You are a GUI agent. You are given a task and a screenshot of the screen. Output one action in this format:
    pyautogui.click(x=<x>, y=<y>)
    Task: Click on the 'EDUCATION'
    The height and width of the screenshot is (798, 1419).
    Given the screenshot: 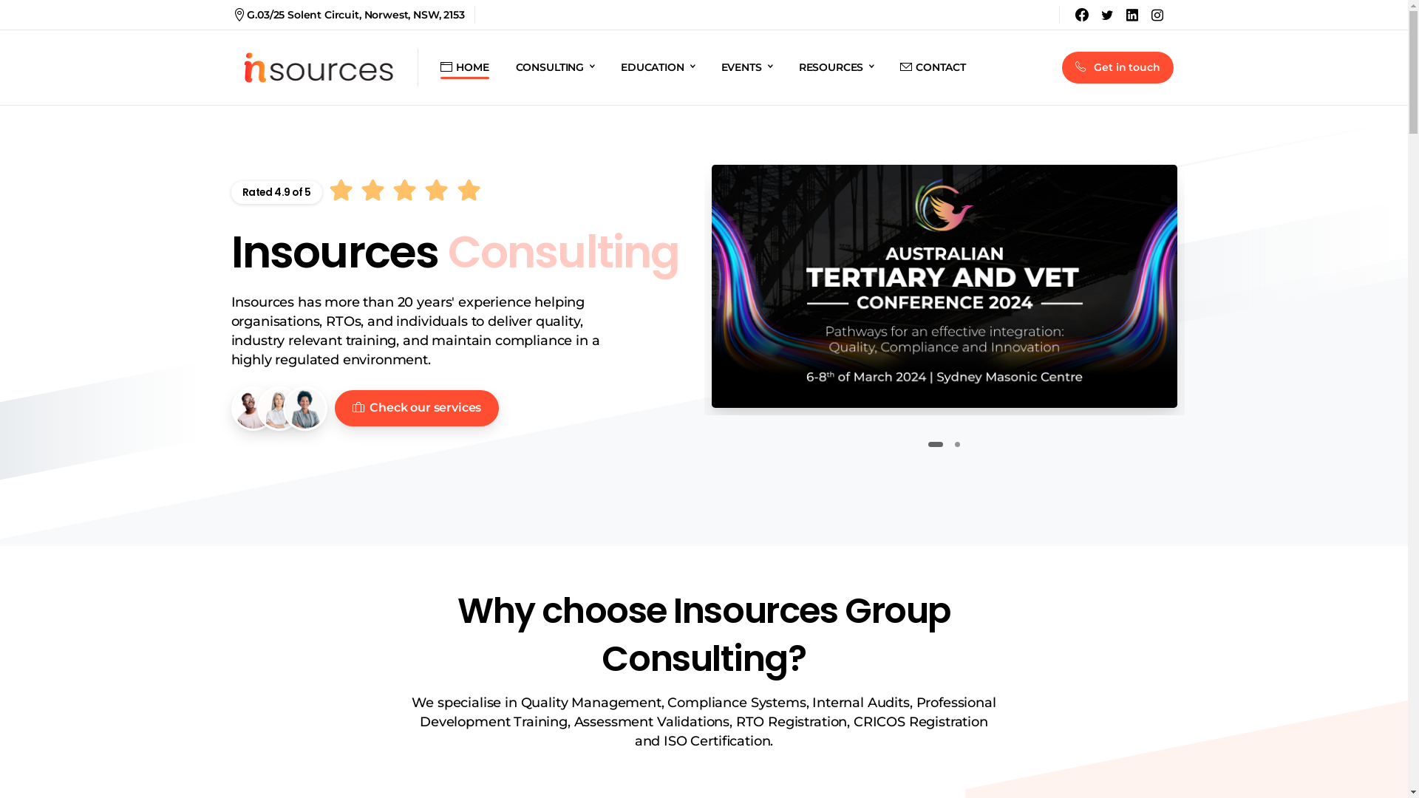 What is the action you would take?
    pyautogui.click(x=614, y=67)
    